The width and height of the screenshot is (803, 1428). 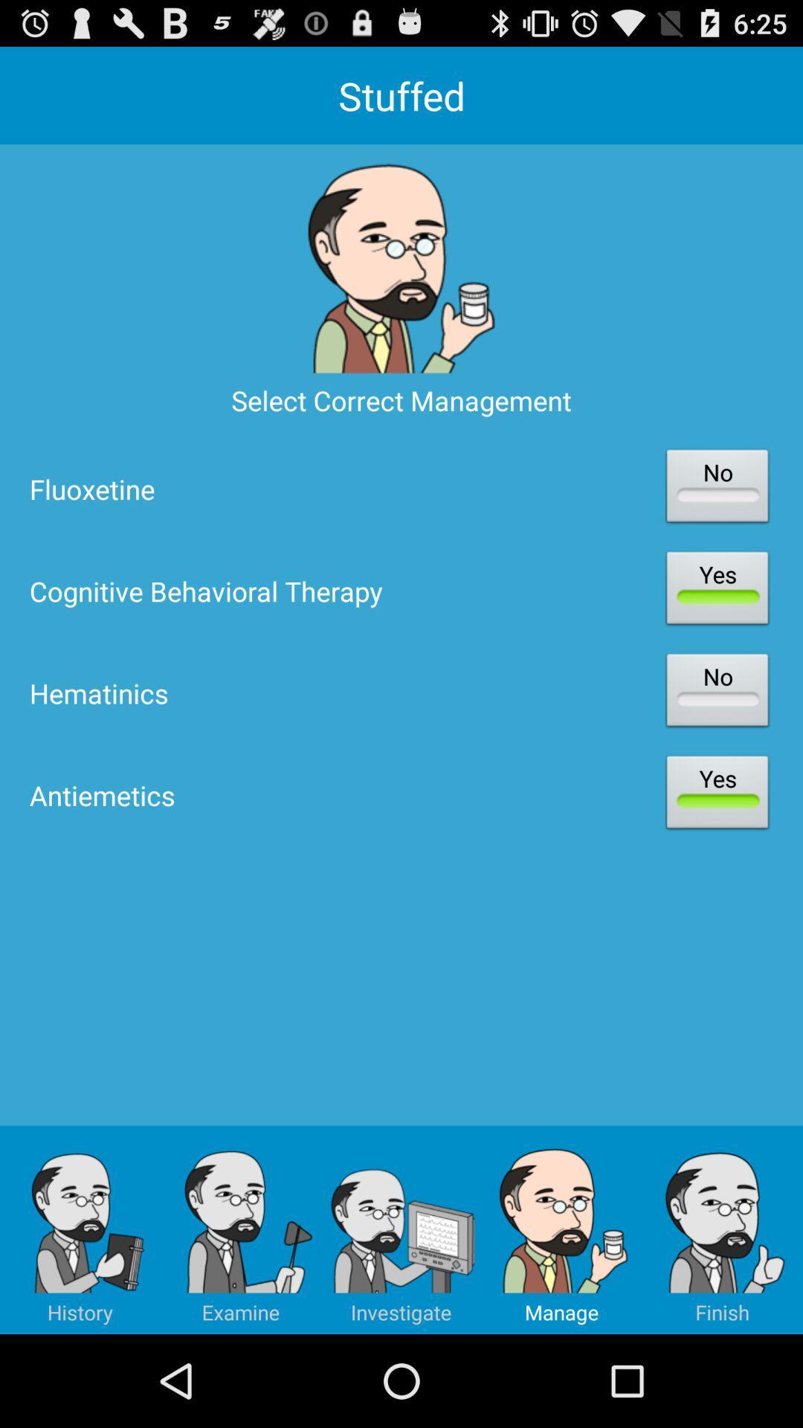 I want to click on yes right to antiemetics, so click(x=716, y=795).